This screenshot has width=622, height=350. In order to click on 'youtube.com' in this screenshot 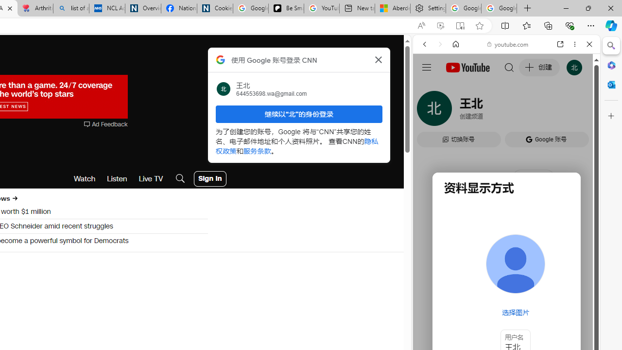, I will do `click(508, 44)`.